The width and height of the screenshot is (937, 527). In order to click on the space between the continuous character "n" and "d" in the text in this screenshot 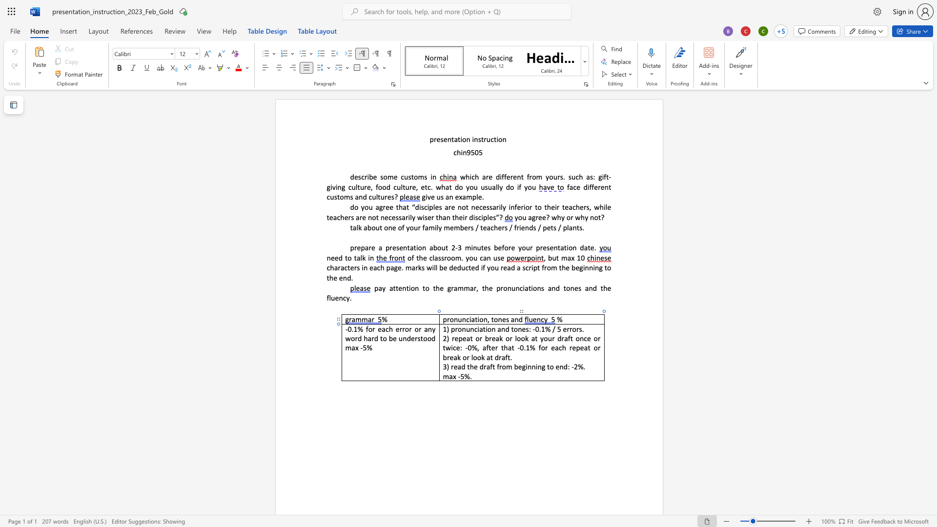, I will do `click(505, 329)`.